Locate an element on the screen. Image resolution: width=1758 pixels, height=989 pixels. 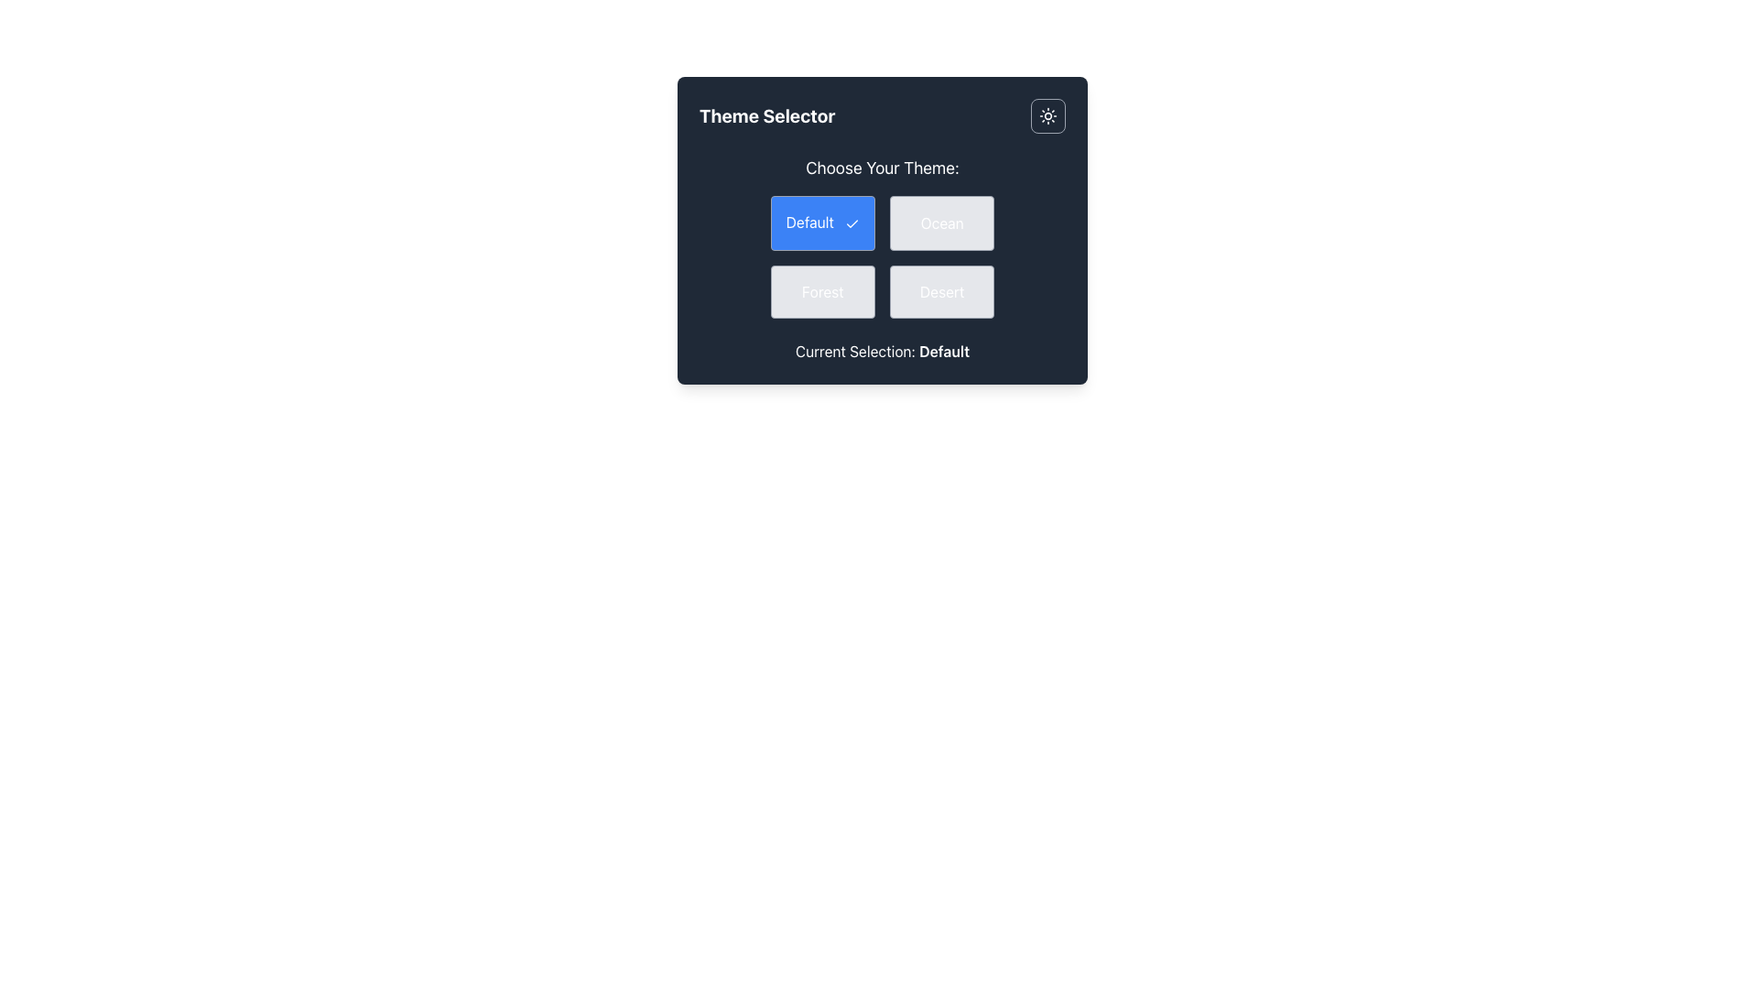
the checkmark icon indicating that the 'Default' theme selection is currently active is located at coordinates (852, 222).